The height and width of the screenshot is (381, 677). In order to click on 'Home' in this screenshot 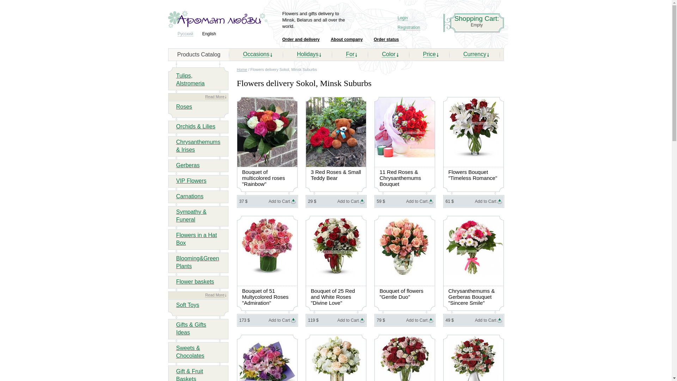, I will do `click(242, 69)`.